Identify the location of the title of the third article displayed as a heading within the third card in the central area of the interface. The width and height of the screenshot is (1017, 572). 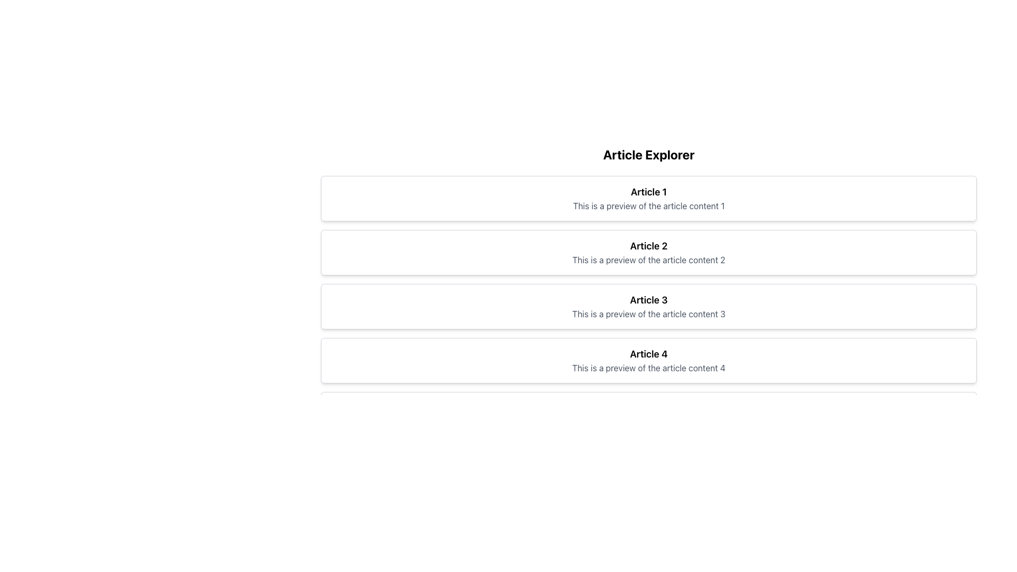
(648, 300).